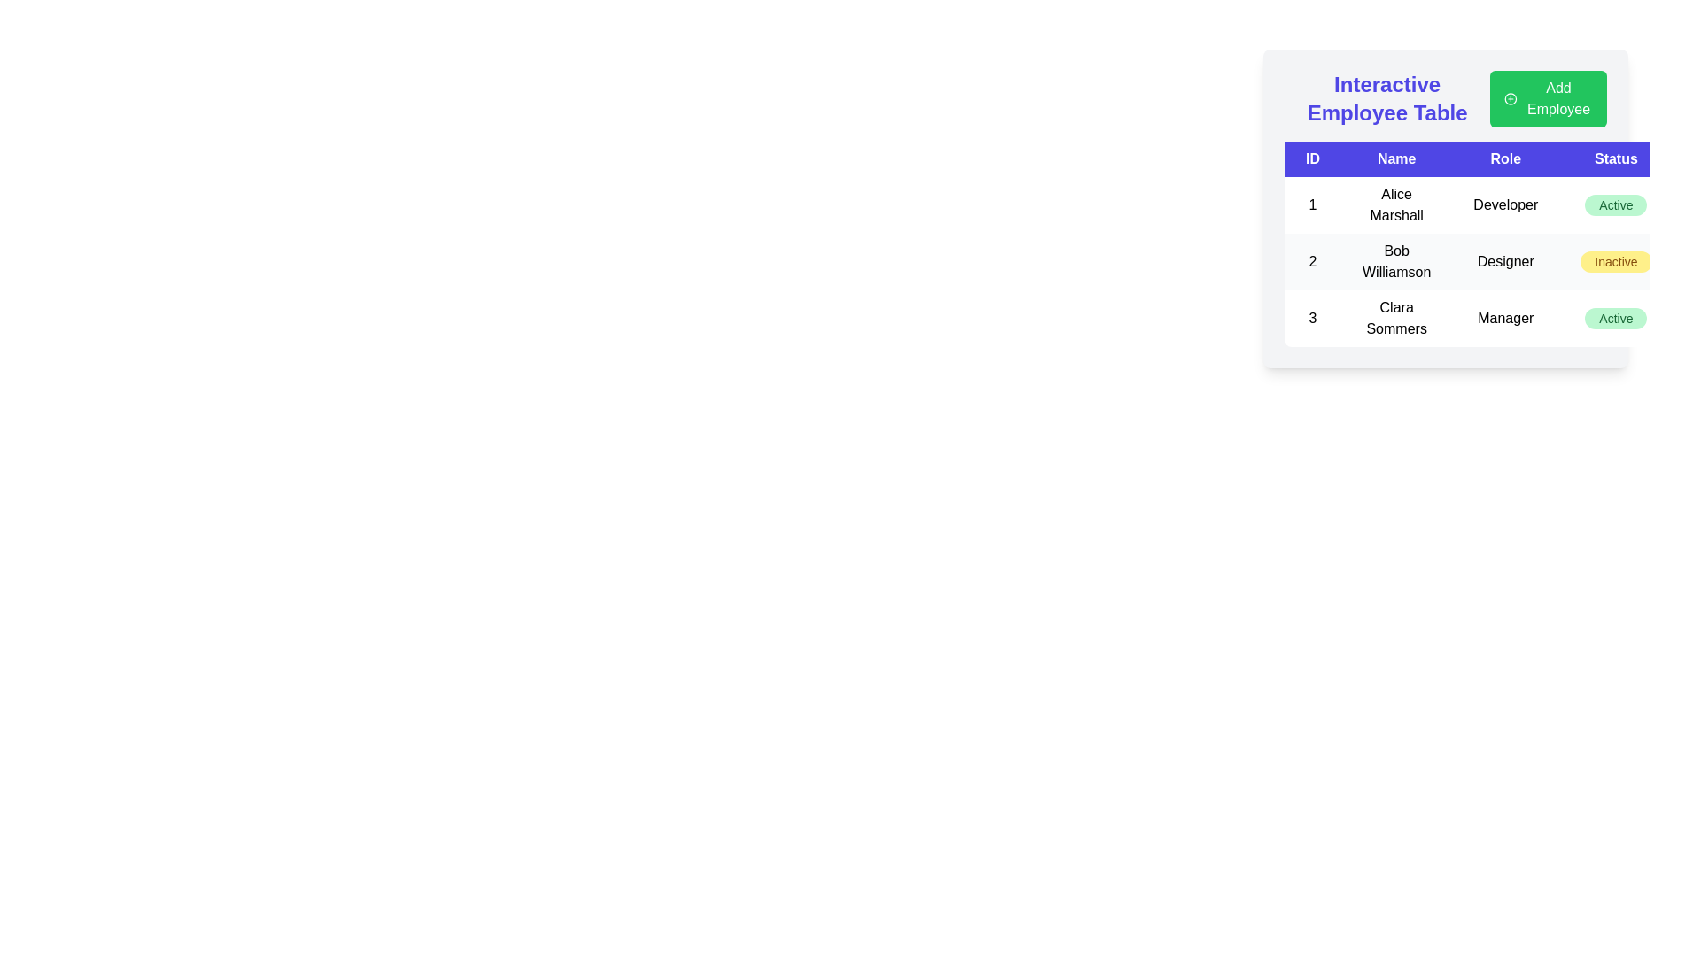 This screenshot has height=956, width=1701. What do you see at coordinates (1616, 317) in the screenshot?
I see `the Status indicator label displaying 'Active' in green text, located in the 'Status' column of the table for 'Clara Sommers'` at bounding box center [1616, 317].